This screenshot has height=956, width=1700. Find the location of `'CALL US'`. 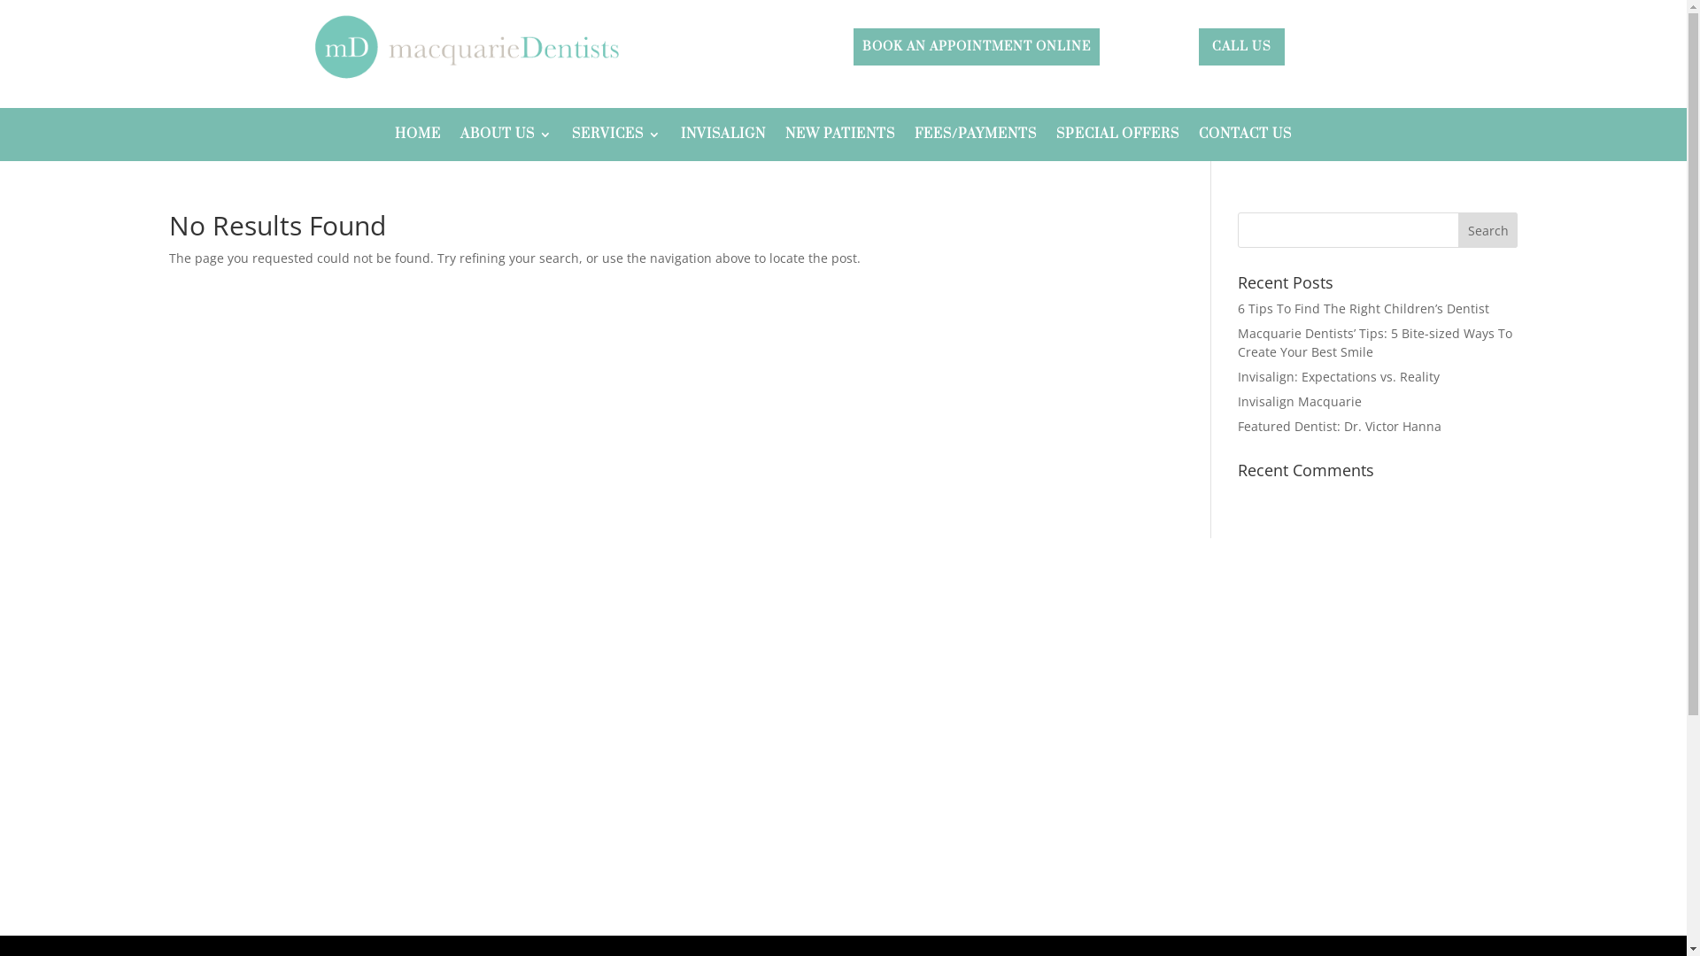

'CALL US' is located at coordinates (1240, 46).